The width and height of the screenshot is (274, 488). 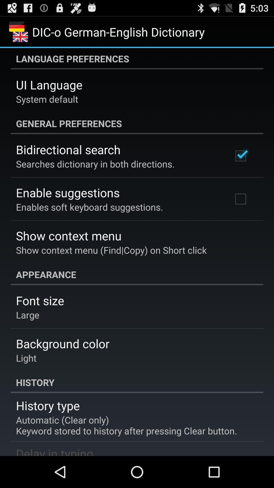 What do you see at coordinates (48, 405) in the screenshot?
I see `app above the automatic clear only icon` at bounding box center [48, 405].